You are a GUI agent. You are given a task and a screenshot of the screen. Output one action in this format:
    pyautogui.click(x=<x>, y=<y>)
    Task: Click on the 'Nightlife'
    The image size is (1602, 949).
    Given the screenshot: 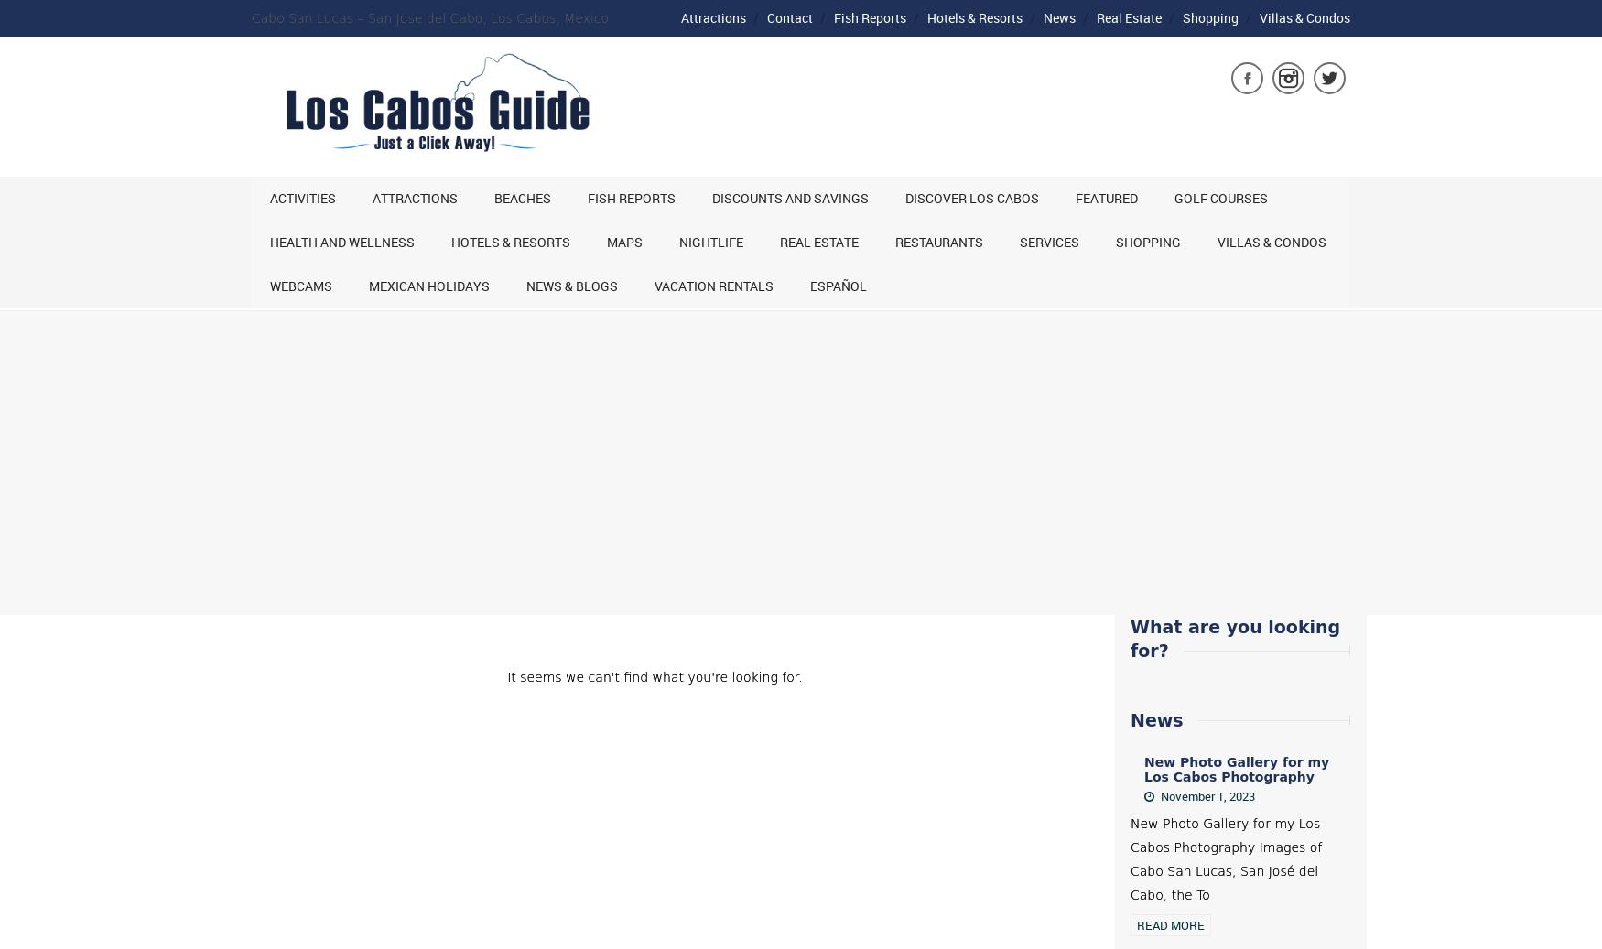 What is the action you would take?
    pyautogui.click(x=679, y=241)
    